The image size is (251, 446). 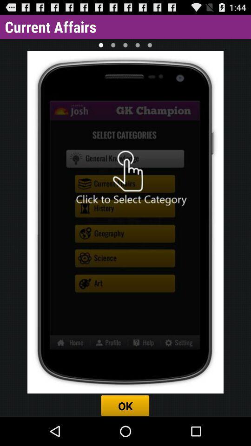 I want to click on the ok at the bottom, so click(x=125, y=405).